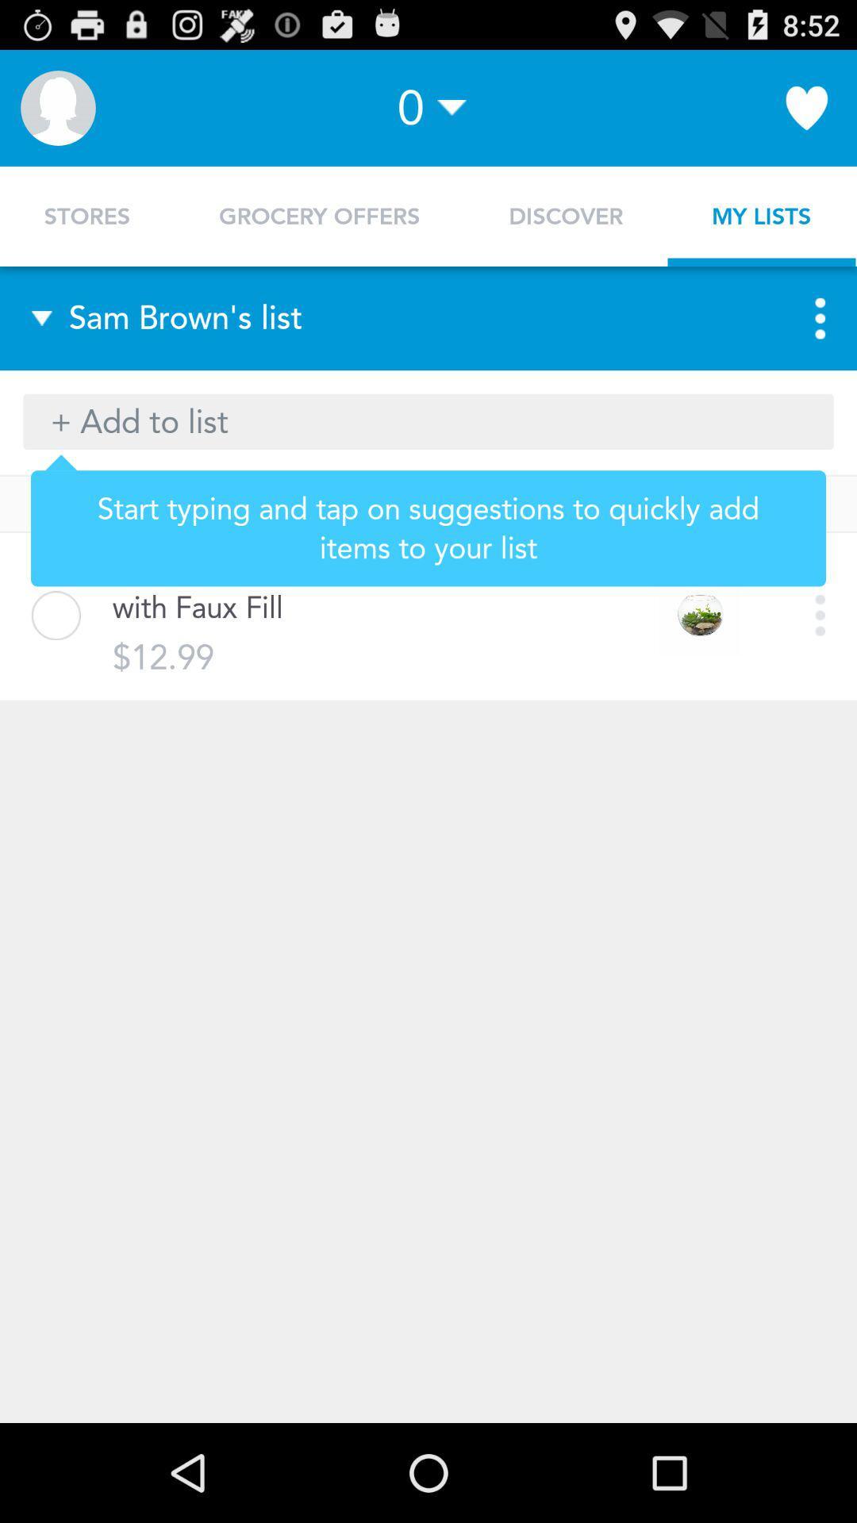  What do you see at coordinates (805, 340) in the screenshot?
I see `the more icon` at bounding box center [805, 340].